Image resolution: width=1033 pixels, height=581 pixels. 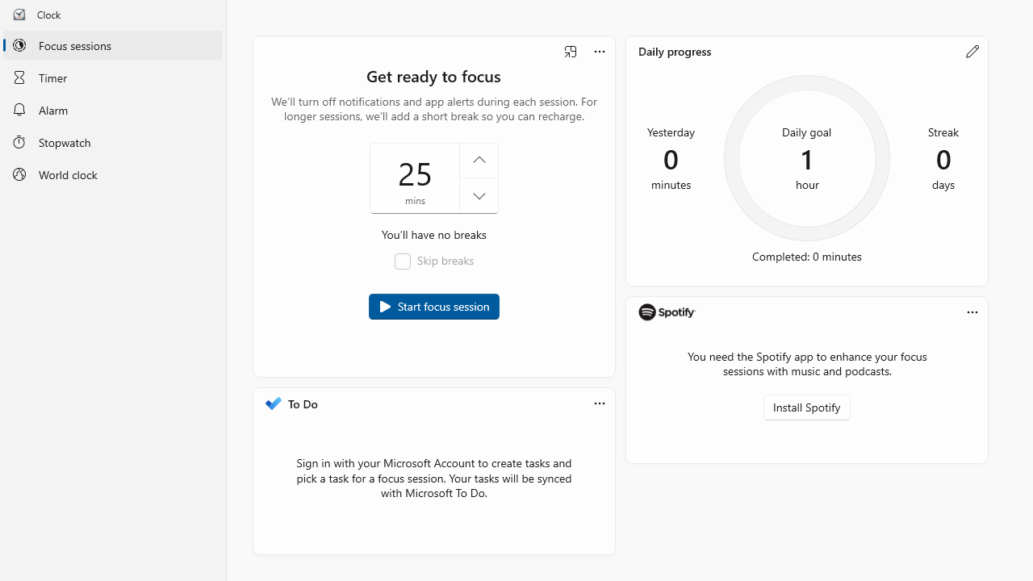 I want to click on 'Stopwatch', so click(x=112, y=140).